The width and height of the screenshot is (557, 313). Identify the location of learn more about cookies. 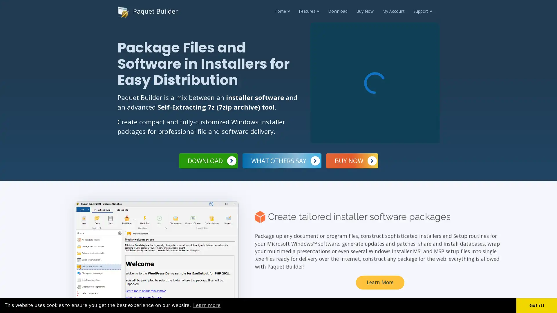
(207, 305).